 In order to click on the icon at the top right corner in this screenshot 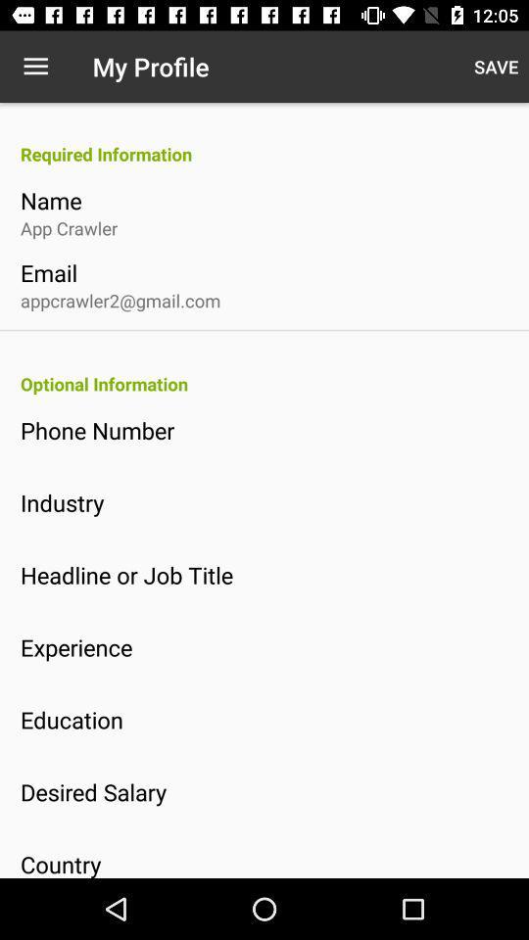, I will do `click(495, 67)`.